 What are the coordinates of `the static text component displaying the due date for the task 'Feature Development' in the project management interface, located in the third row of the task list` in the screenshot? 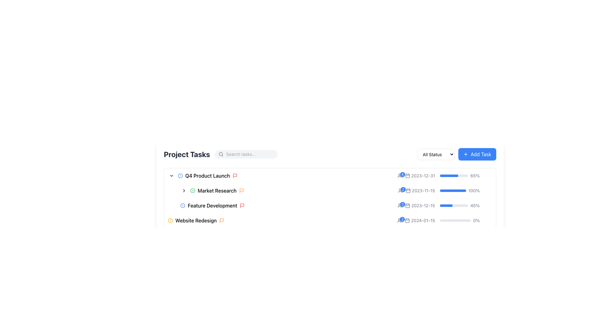 It's located at (420, 205).